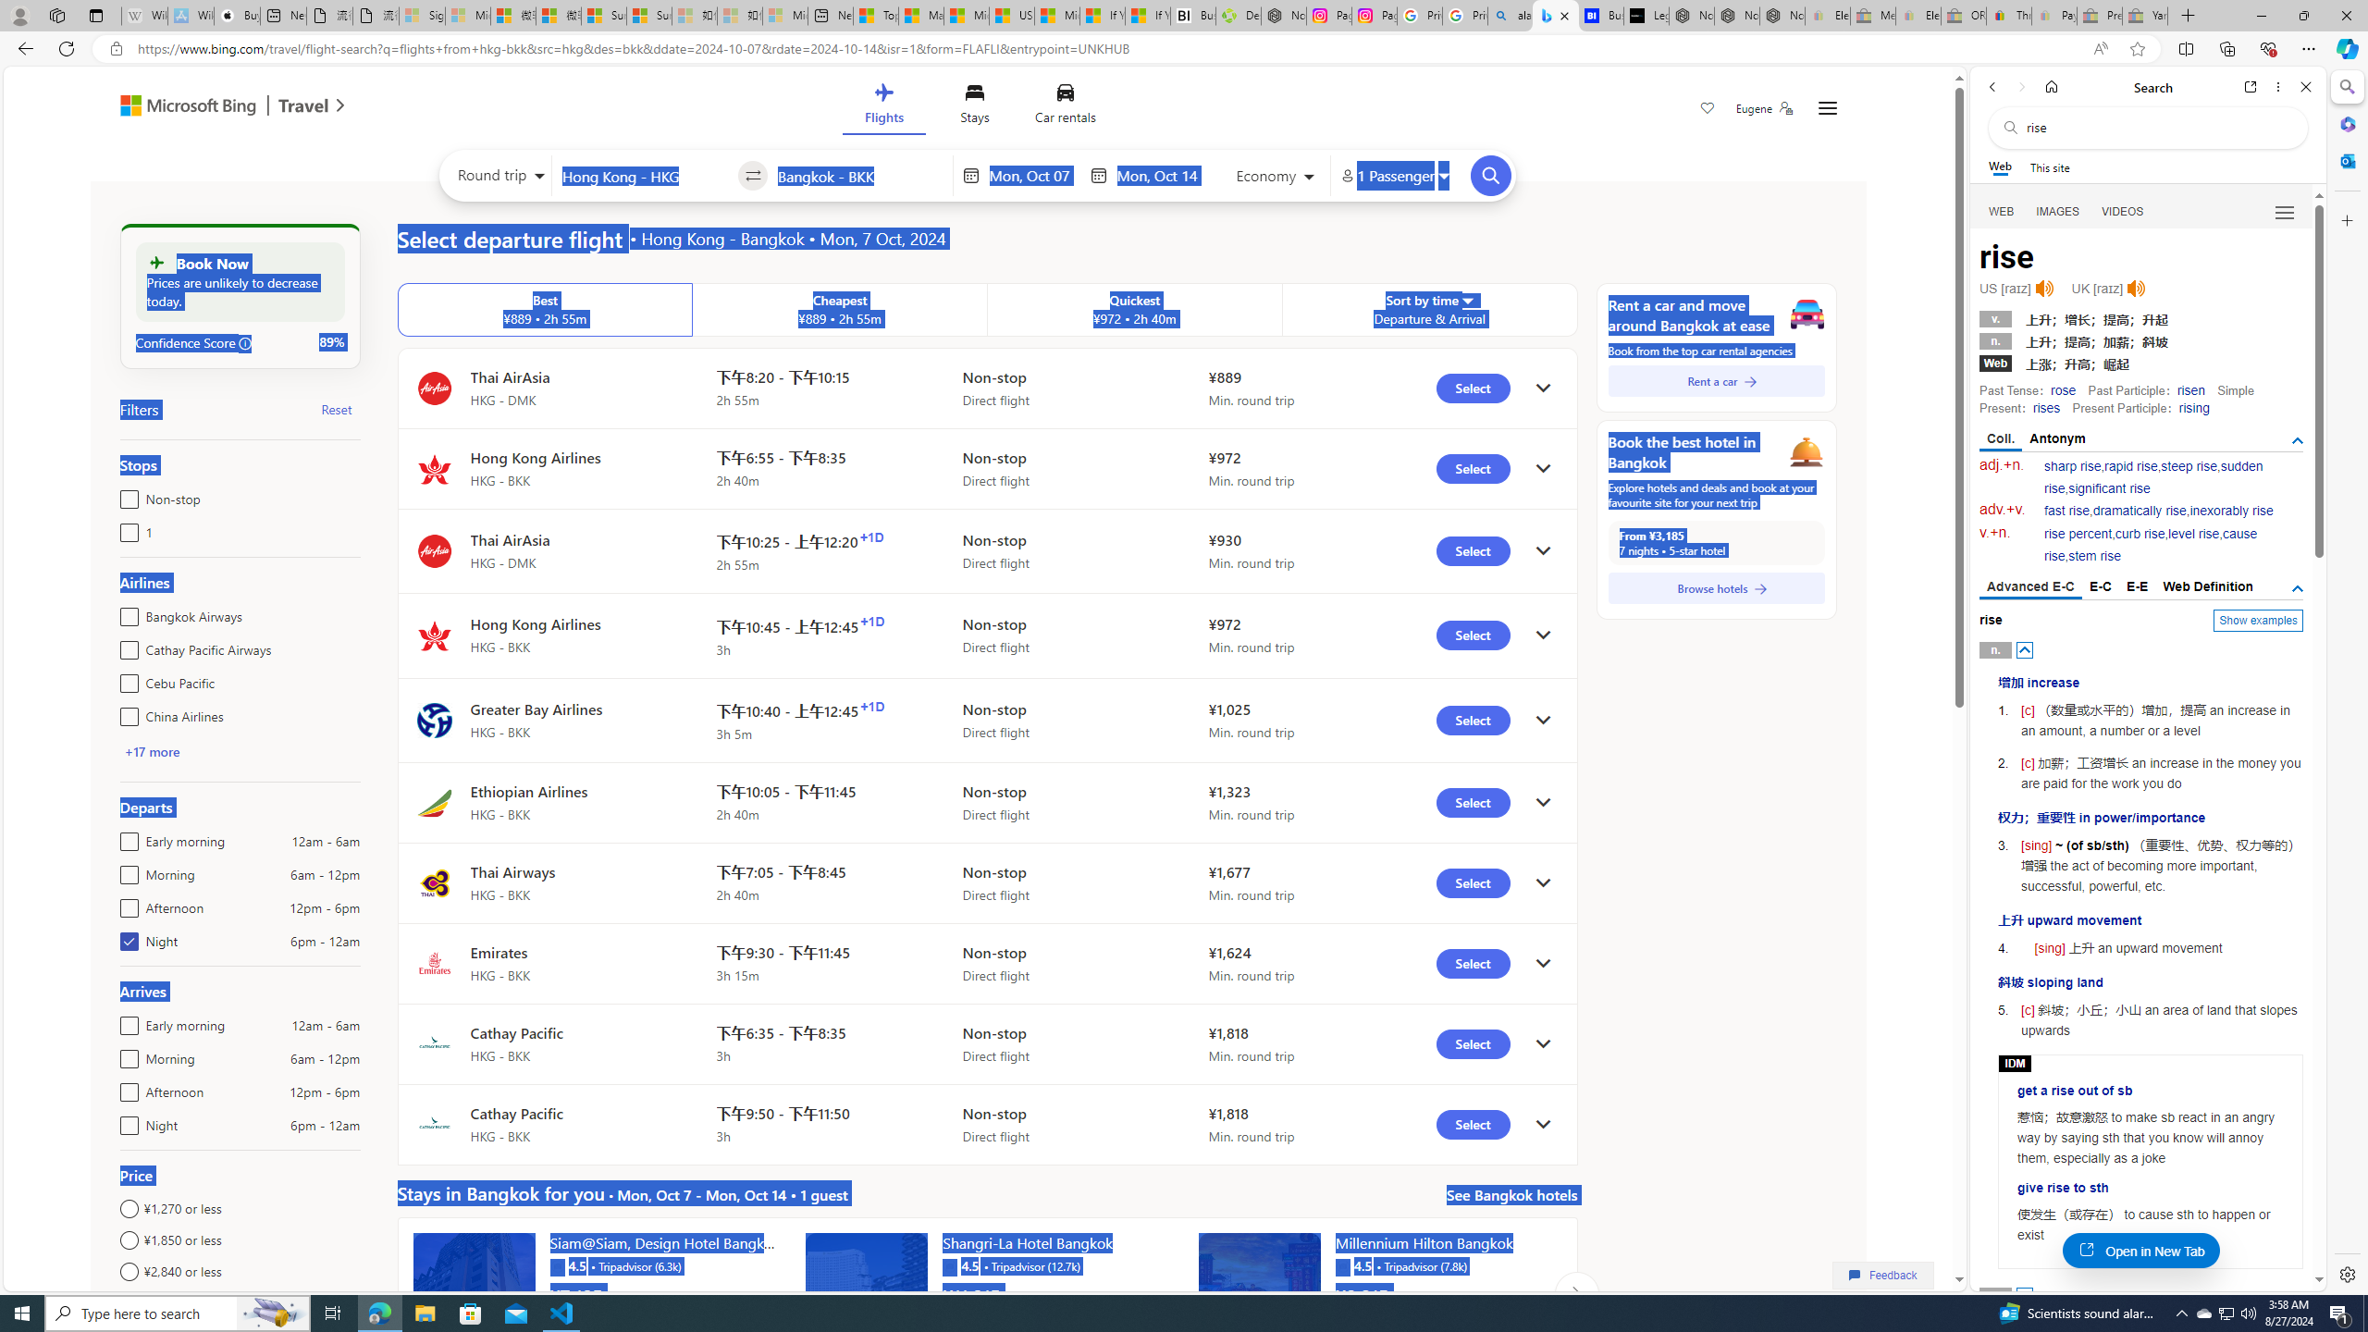  I want to click on 'Eugene', so click(1764, 107).